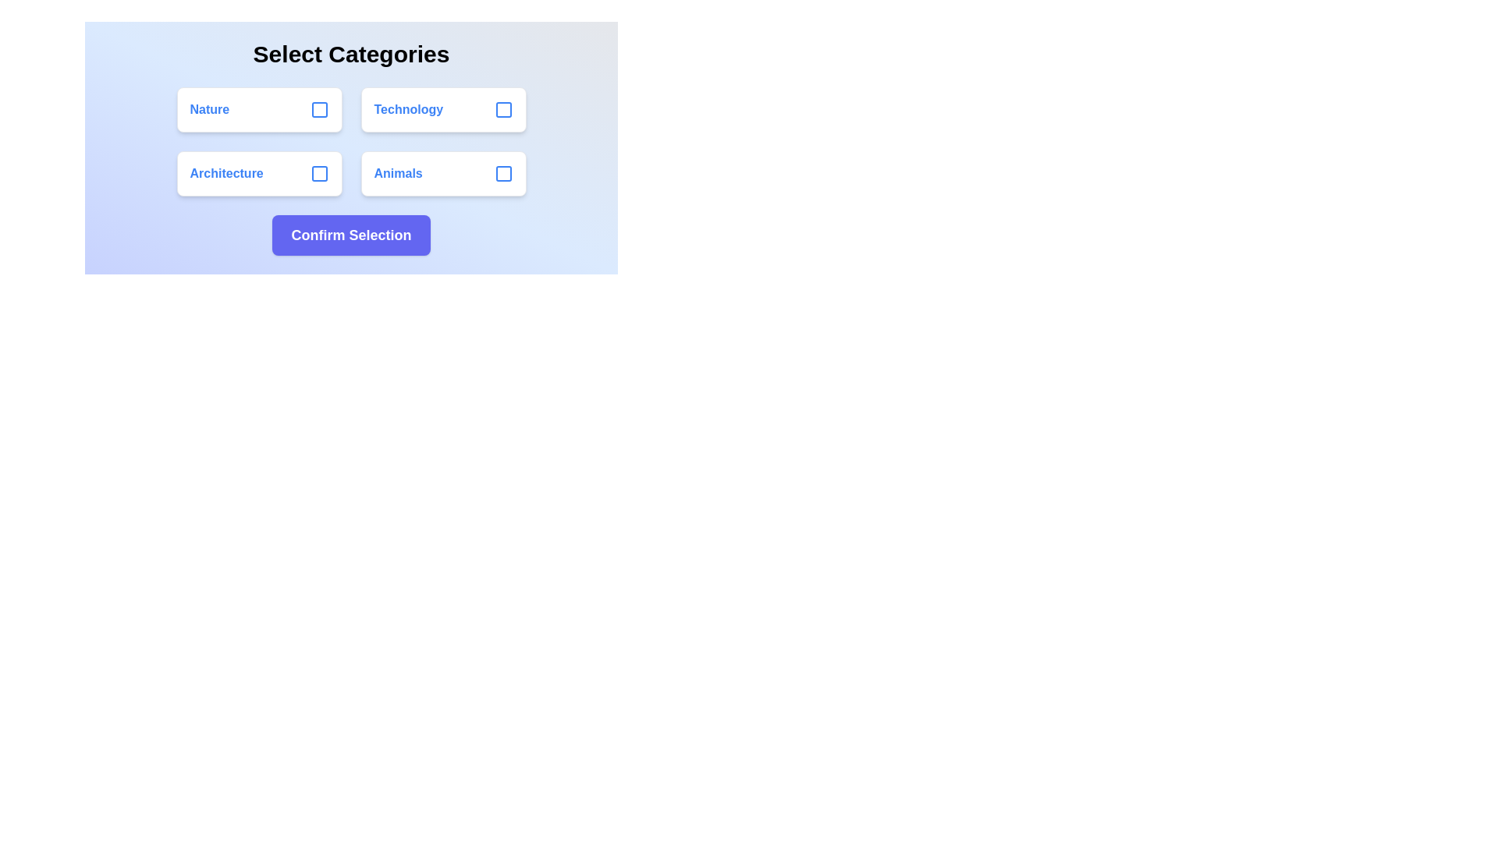 The height and width of the screenshot is (842, 1498). Describe the element at coordinates (503, 174) in the screenshot. I see `the checkbox corresponding to the category Animals to toggle its selection` at that location.